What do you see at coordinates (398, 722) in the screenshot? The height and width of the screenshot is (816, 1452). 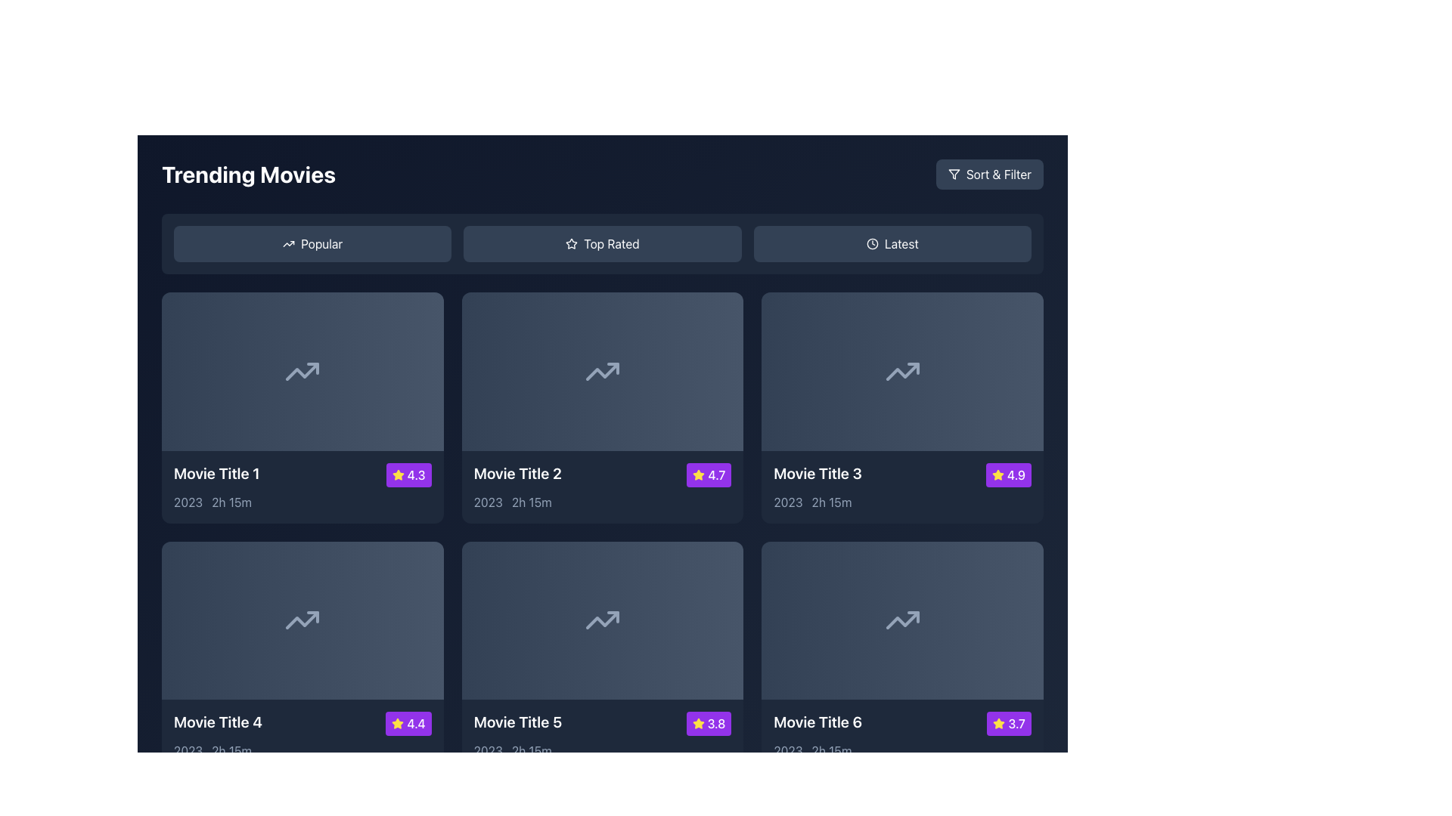 I see `the star icon representing the rating score of 'Movie Title 4', located in the lower right area of the movie card next to the purple box containing the rating number '4.4'` at bounding box center [398, 722].